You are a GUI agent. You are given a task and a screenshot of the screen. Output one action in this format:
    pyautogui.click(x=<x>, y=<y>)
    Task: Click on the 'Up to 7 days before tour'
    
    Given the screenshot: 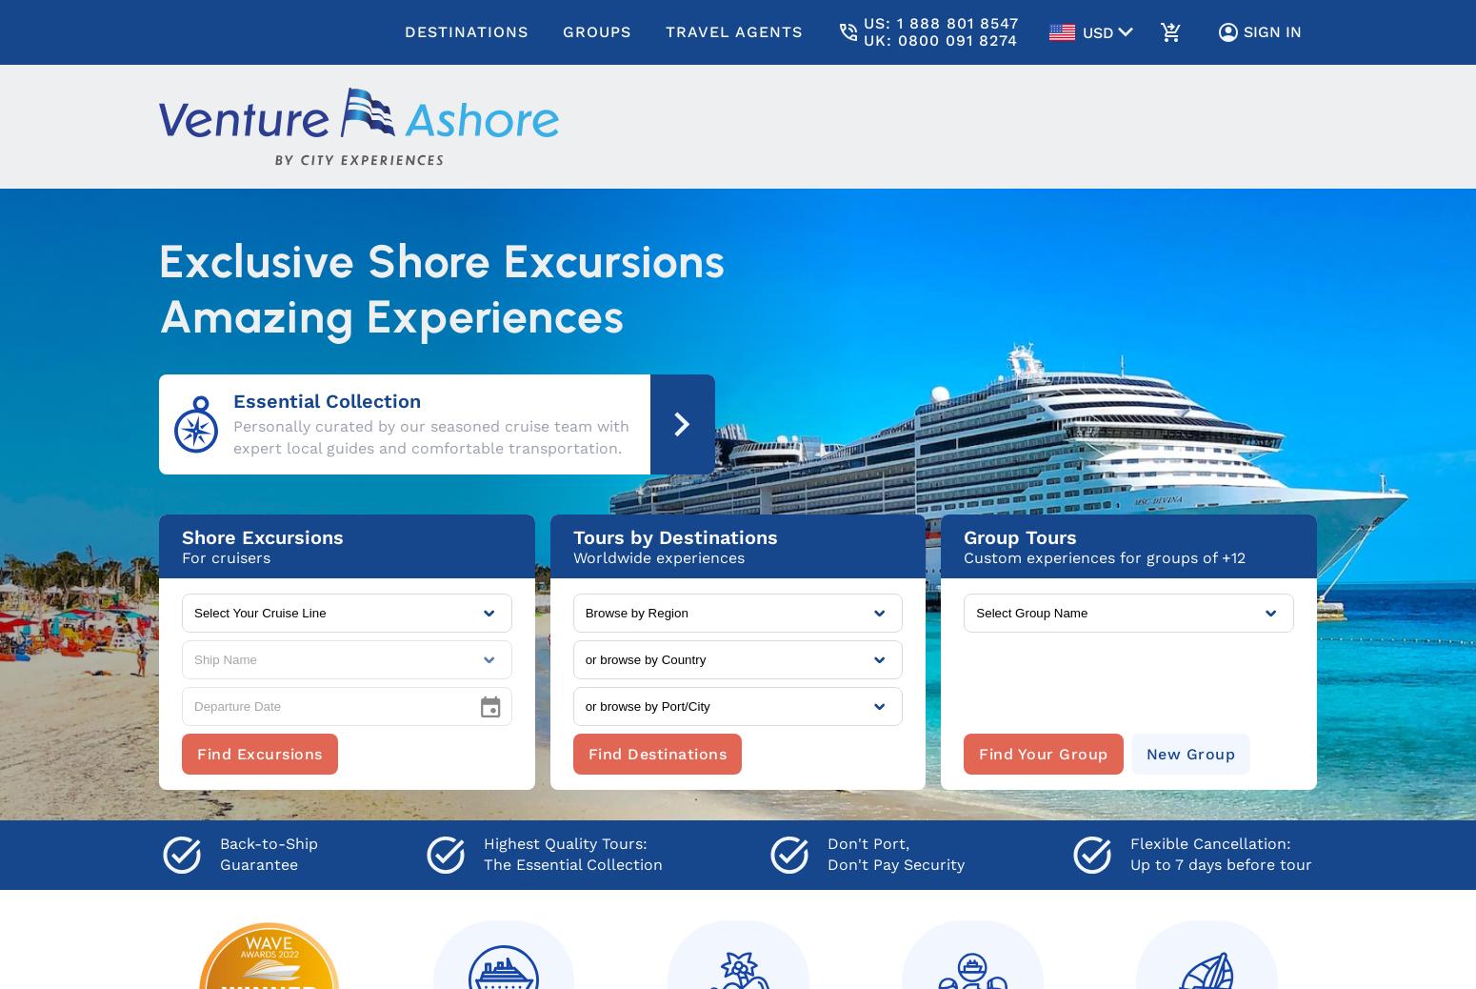 What is the action you would take?
    pyautogui.click(x=1129, y=864)
    